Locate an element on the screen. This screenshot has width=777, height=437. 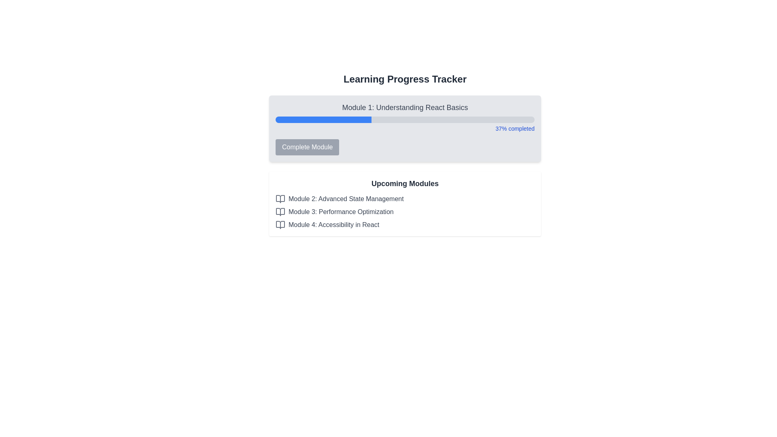
the filled portion of the progress indicator segment in the 'Learning Progress Tracker' section, which visually represents the completion percentage of a module's progress is located at coordinates (316, 120).